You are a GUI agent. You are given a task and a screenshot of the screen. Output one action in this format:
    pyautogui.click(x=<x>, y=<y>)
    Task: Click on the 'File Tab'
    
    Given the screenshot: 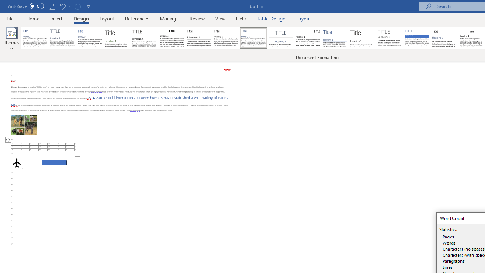 What is the action you would take?
    pyautogui.click(x=10, y=18)
    